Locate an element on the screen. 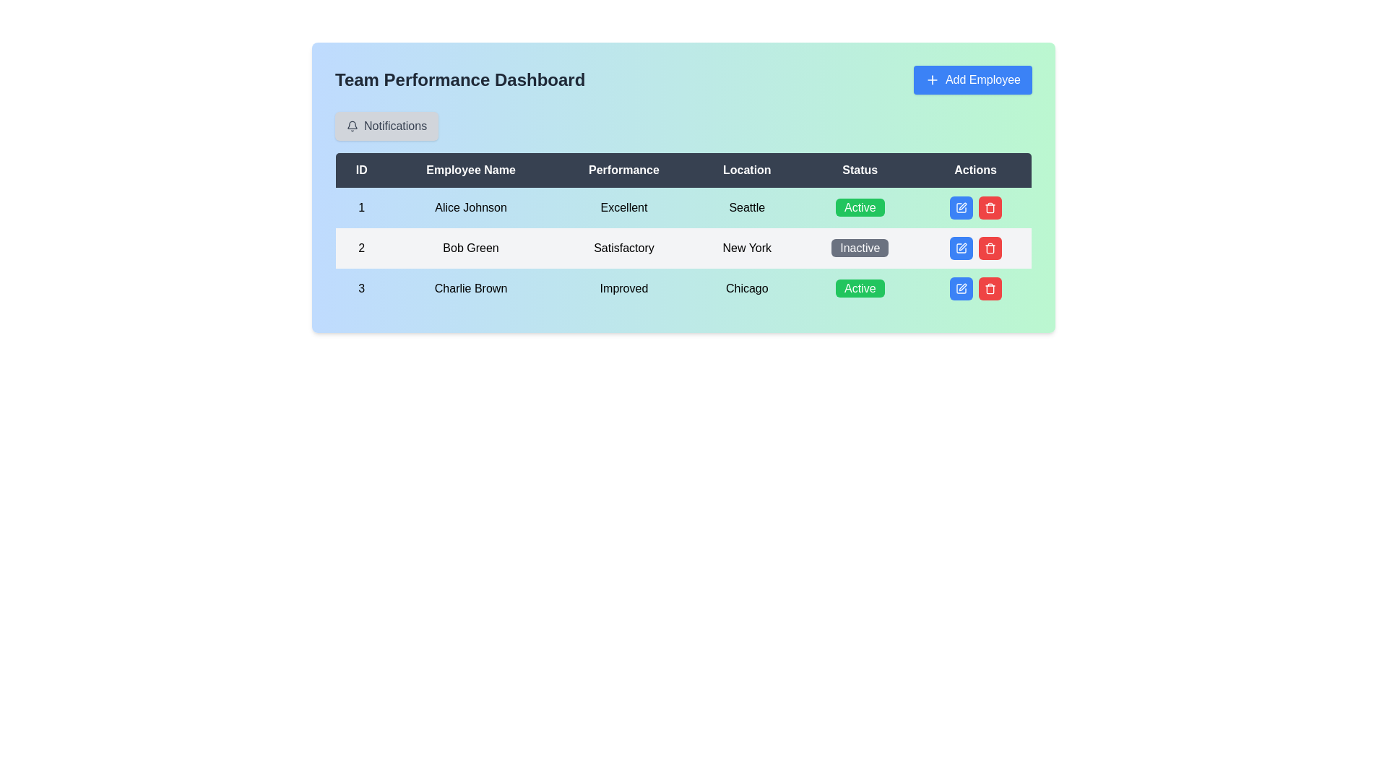 The image size is (1387, 780). the static text displaying 'Charlie Brown', which represents an employee's name in the third row of the table under the 'Employee Name' column is located at coordinates (471, 289).